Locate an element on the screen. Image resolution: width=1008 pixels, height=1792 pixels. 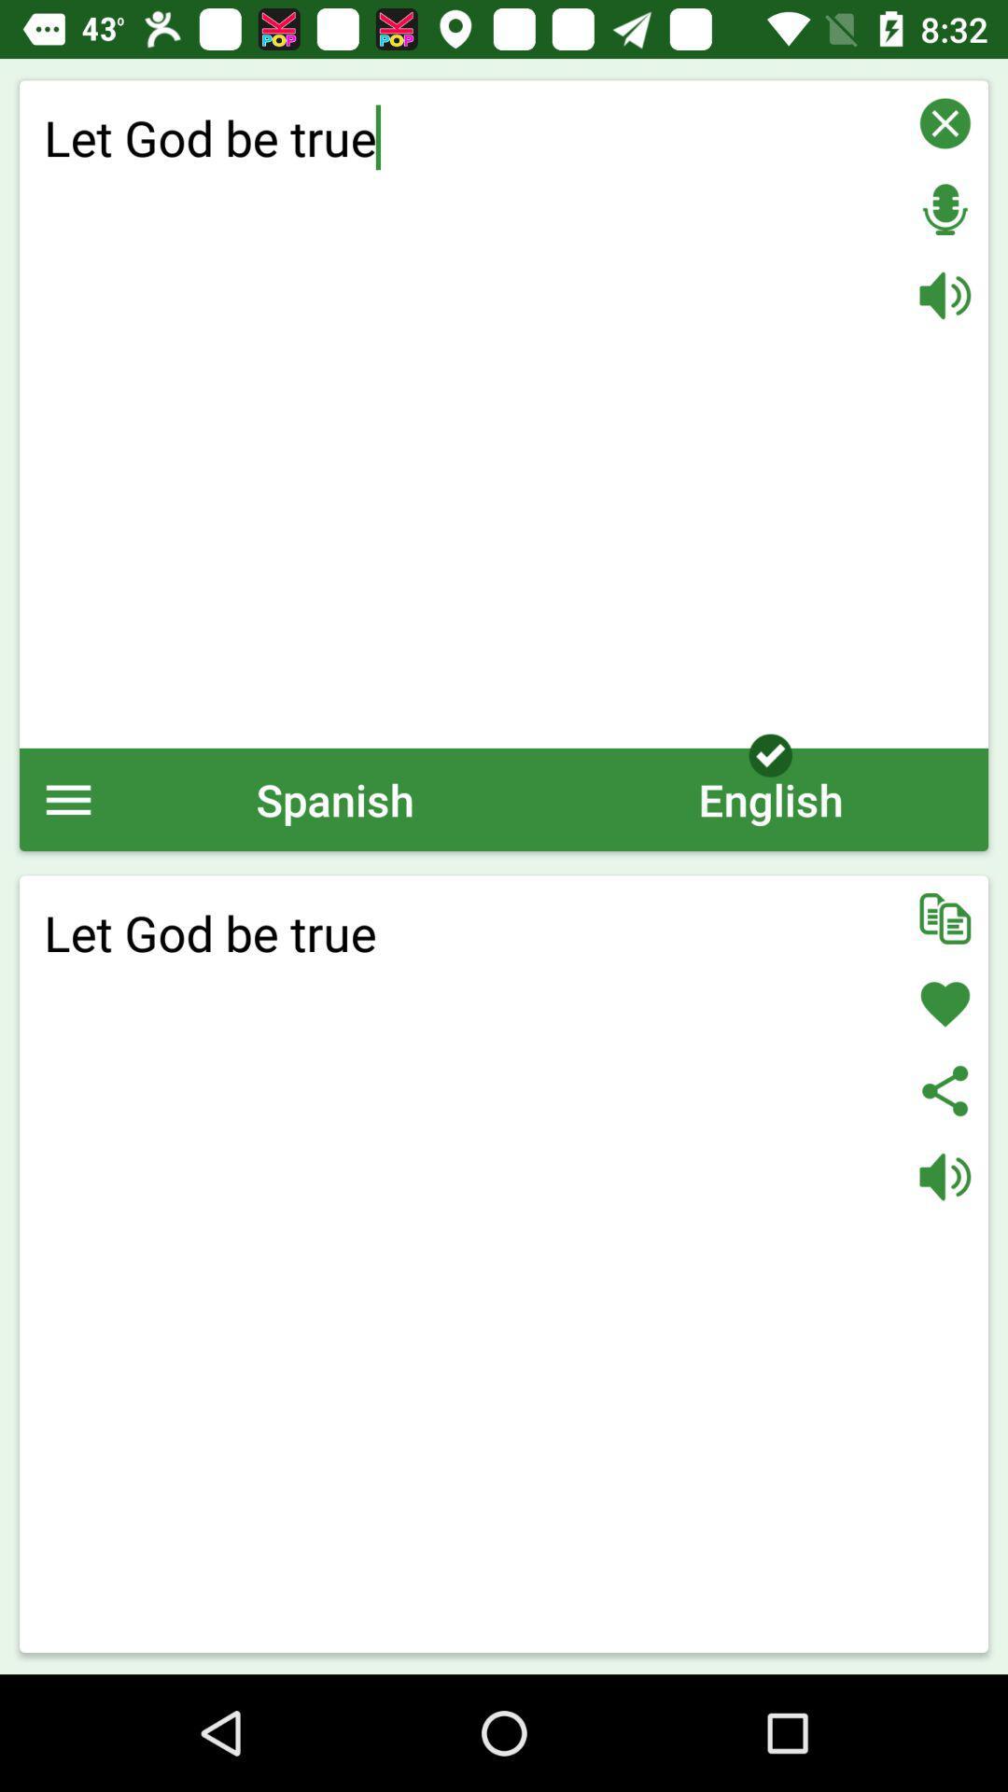
the icon to the left of the spanish is located at coordinates (67, 799).